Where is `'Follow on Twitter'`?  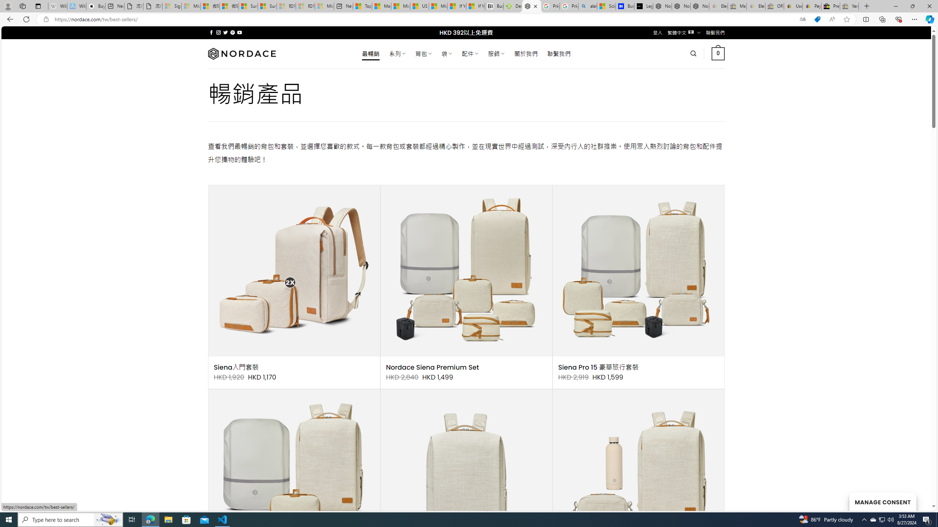
'Follow on Twitter' is located at coordinates (225, 32).